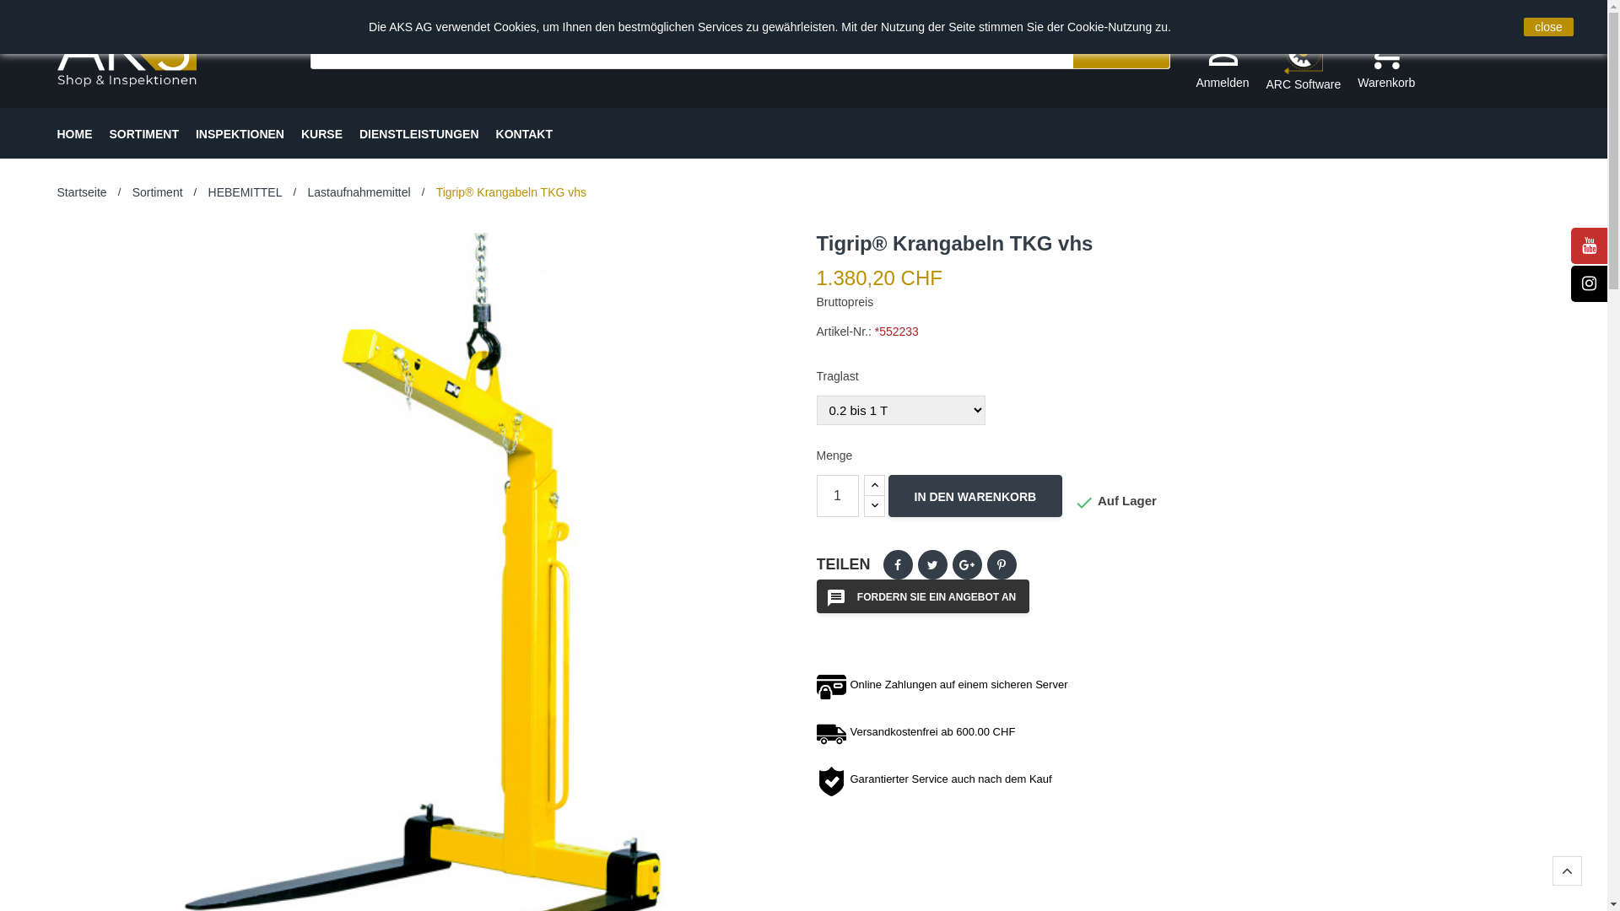  Describe the element at coordinates (1357, 61) in the screenshot. I see `'0` at that location.